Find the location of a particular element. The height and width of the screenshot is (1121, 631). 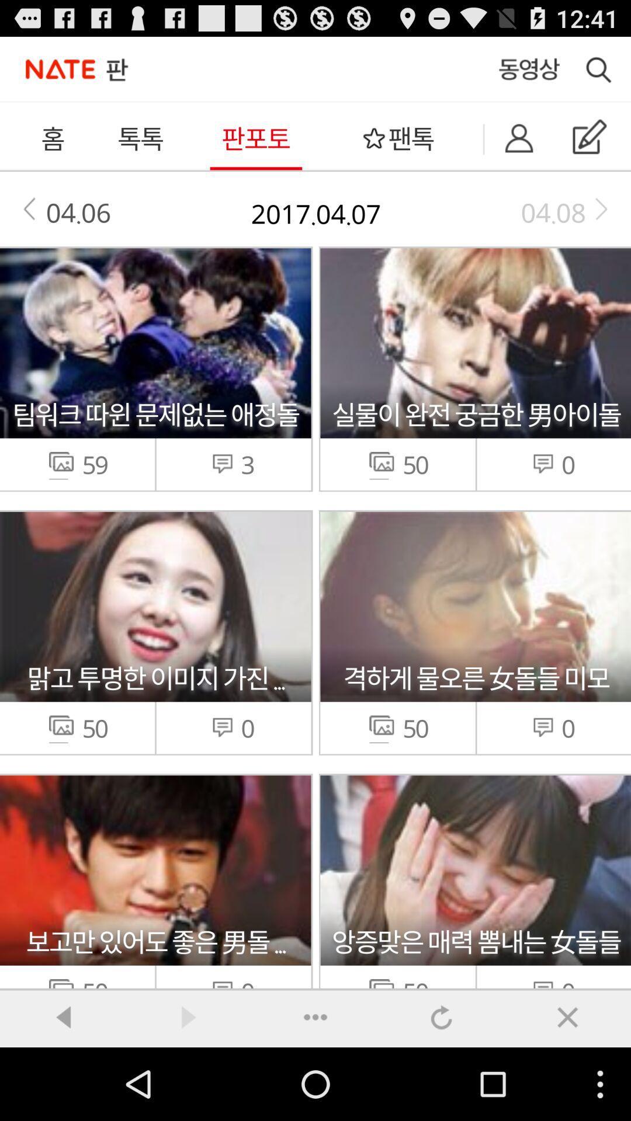

explore more menus is located at coordinates (315, 1016).